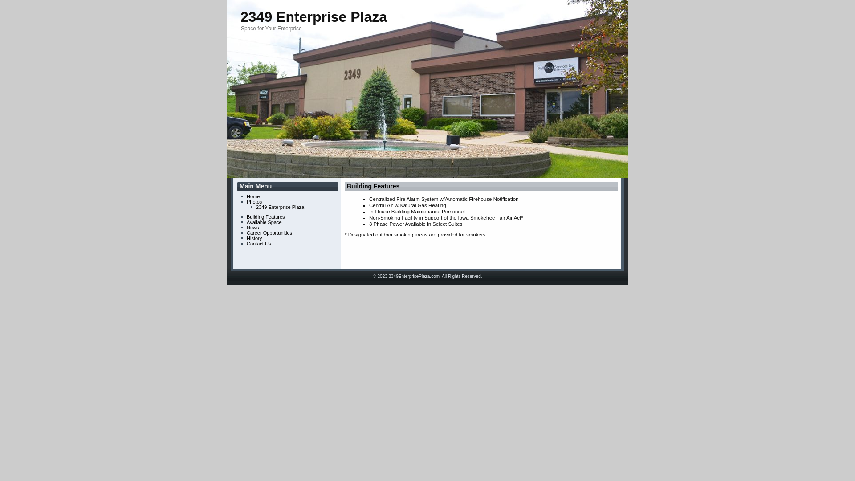  Describe the element at coordinates (313, 17) in the screenshot. I see `'2349 Enterprise Plaza'` at that location.